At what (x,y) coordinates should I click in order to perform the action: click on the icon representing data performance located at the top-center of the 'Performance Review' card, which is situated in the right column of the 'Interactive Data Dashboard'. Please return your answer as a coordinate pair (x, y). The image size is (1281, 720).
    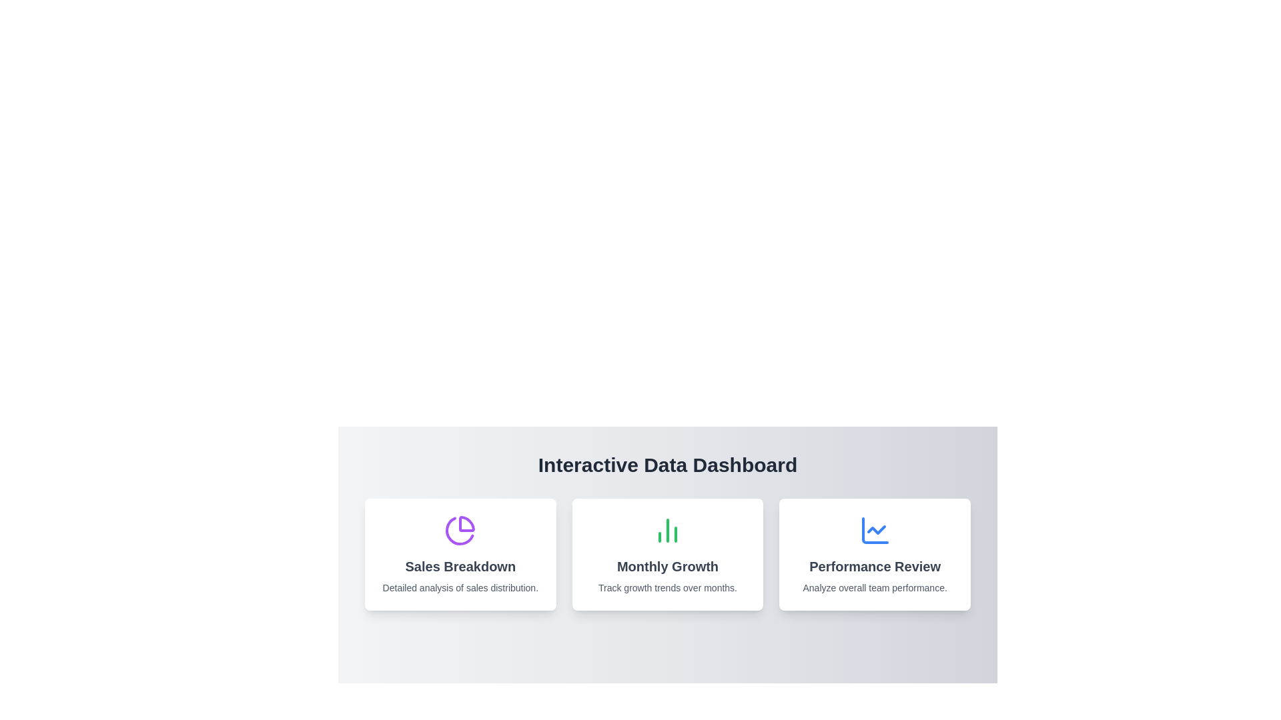
    Looking at the image, I should click on (875, 529).